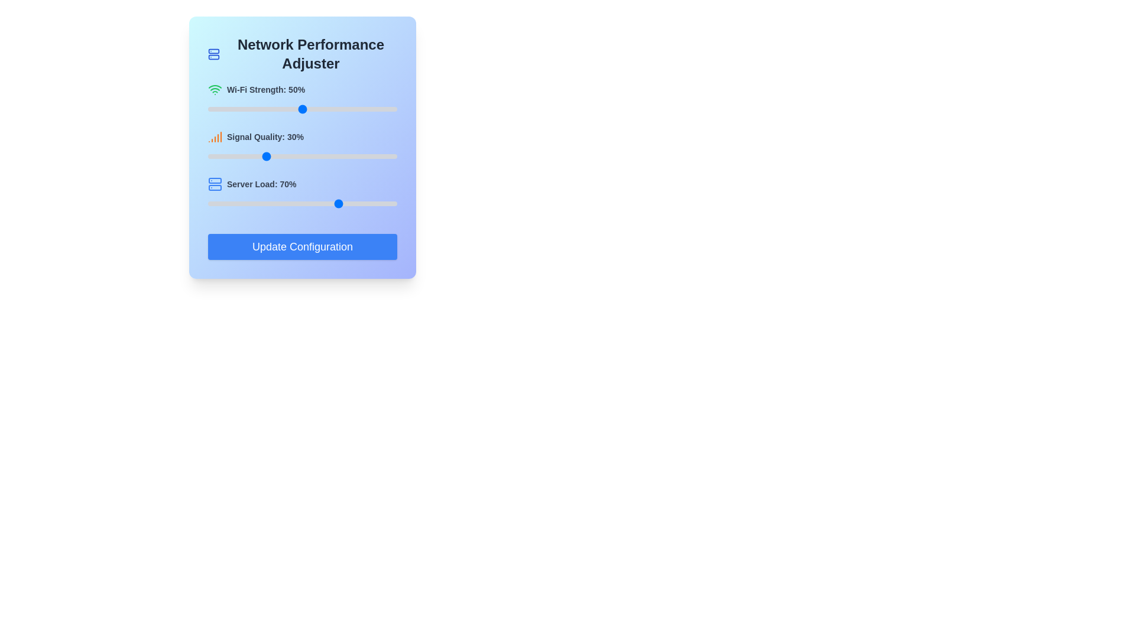 Image resolution: width=1135 pixels, height=638 pixels. I want to click on the icon resembling two stacked server racks with rounded corners and a bold blue color, located near the top-left corner of the 'Network Performance Adjuster' section, so click(213, 54).